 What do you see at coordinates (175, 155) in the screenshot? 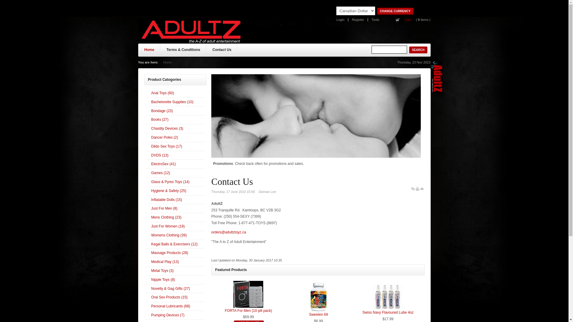
I see `'DVDS (13)'` at bounding box center [175, 155].